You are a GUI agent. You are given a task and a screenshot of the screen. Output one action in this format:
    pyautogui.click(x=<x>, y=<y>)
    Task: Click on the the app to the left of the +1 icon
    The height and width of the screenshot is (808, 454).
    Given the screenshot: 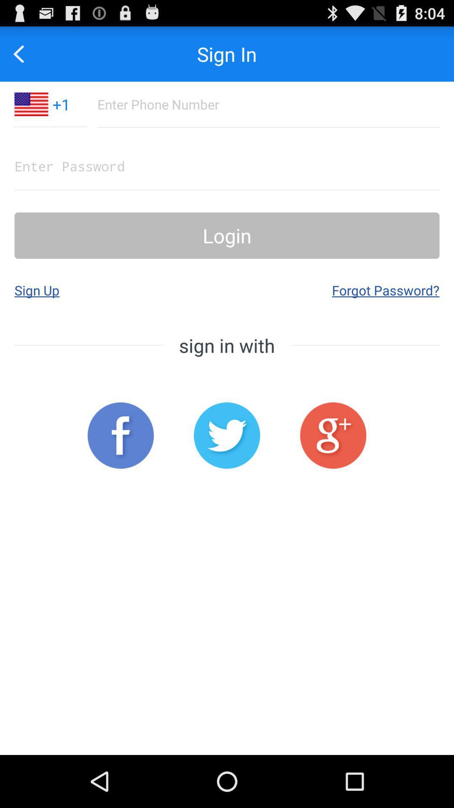 What is the action you would take?
    pyautogui.click(x=23, y=53)
    